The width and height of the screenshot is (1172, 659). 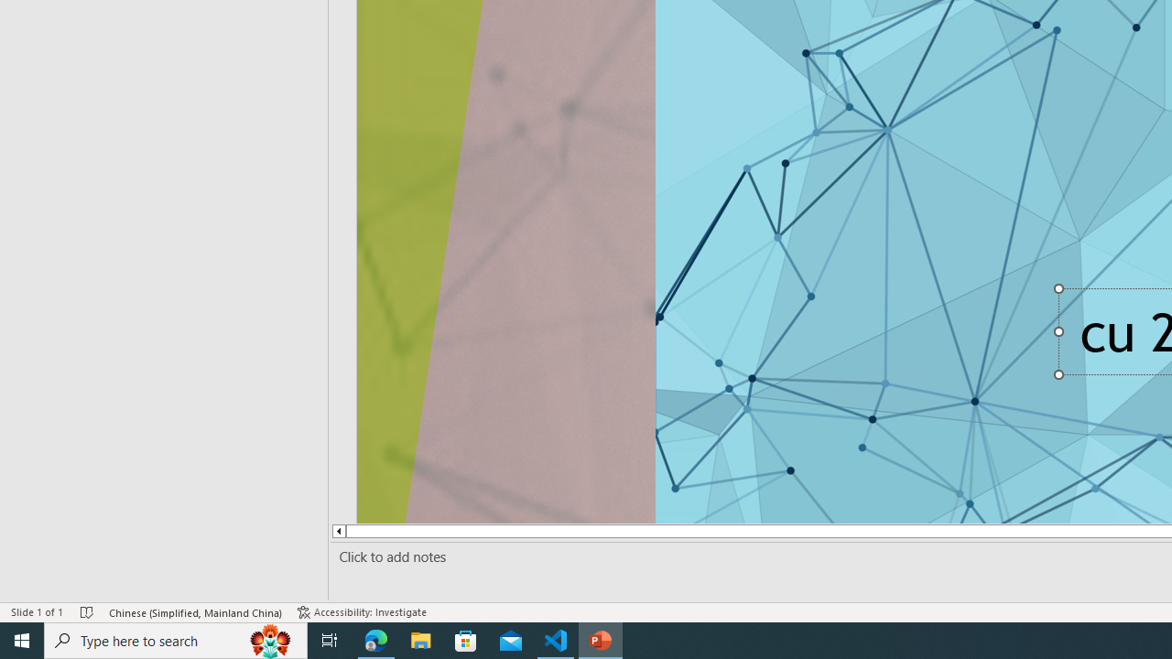 I want to click on 'Spell Check No Errors', so click(x=87, y=612).